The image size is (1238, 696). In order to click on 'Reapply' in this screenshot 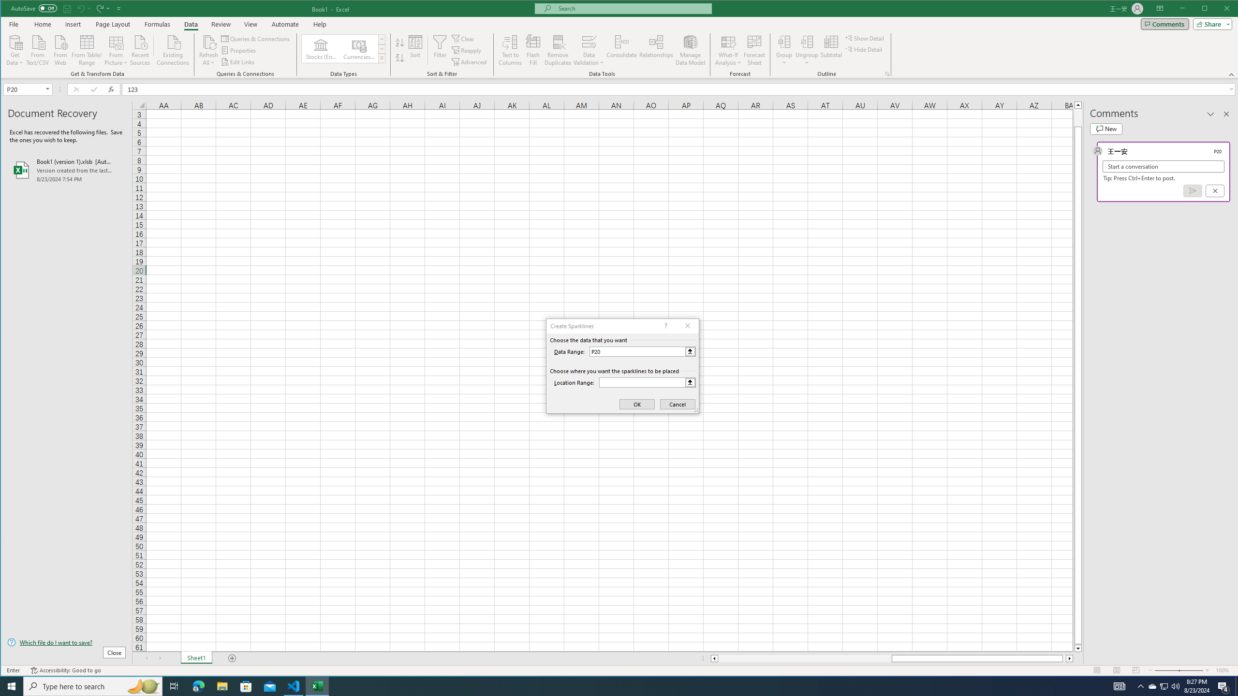, I will do `click(467, 50)`.